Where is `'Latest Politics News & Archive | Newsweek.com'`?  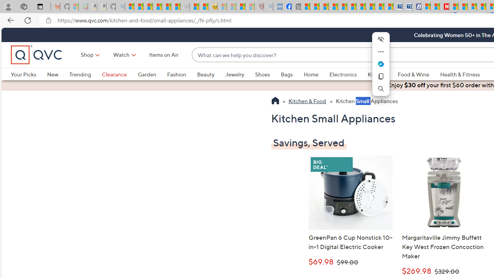
'Latest Politics News & Archive | Newsweek.com' is located at coordinates (445, 7).